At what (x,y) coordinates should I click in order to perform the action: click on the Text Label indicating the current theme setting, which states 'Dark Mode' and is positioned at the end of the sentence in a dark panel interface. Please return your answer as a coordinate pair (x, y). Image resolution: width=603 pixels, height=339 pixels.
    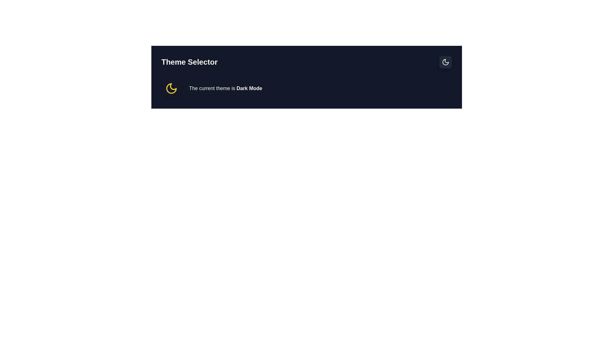
    Looking at the image, I should click on (249, 88).